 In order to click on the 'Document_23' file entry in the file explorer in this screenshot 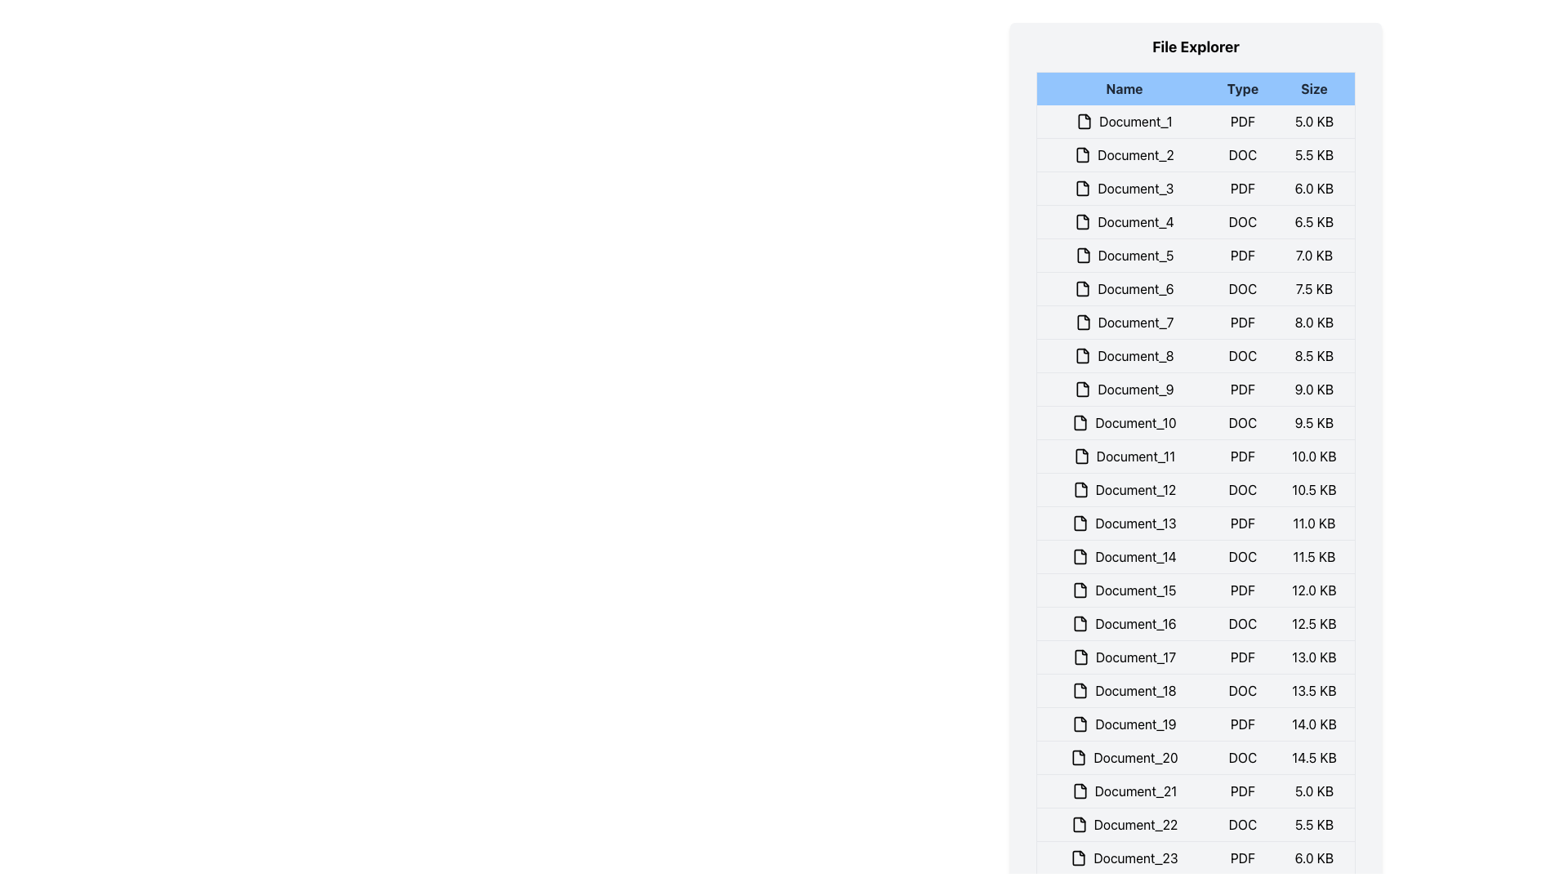, I will do `click(1196, 857)`.